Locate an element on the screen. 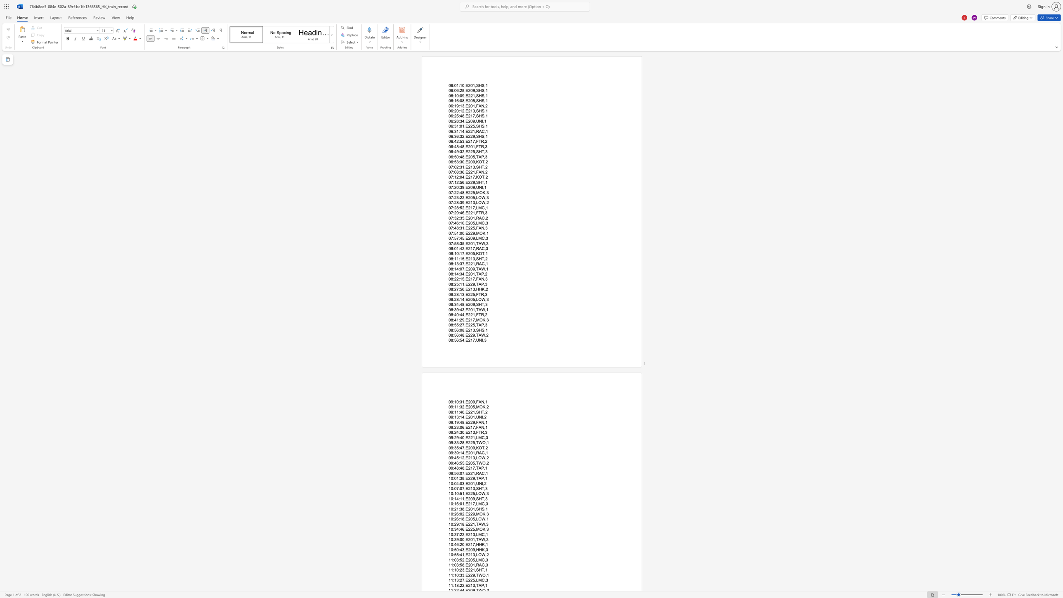 The image size is (1063, 598). the space between the continuous character "3" and "4" in the text is located at coordinates (462, 274).